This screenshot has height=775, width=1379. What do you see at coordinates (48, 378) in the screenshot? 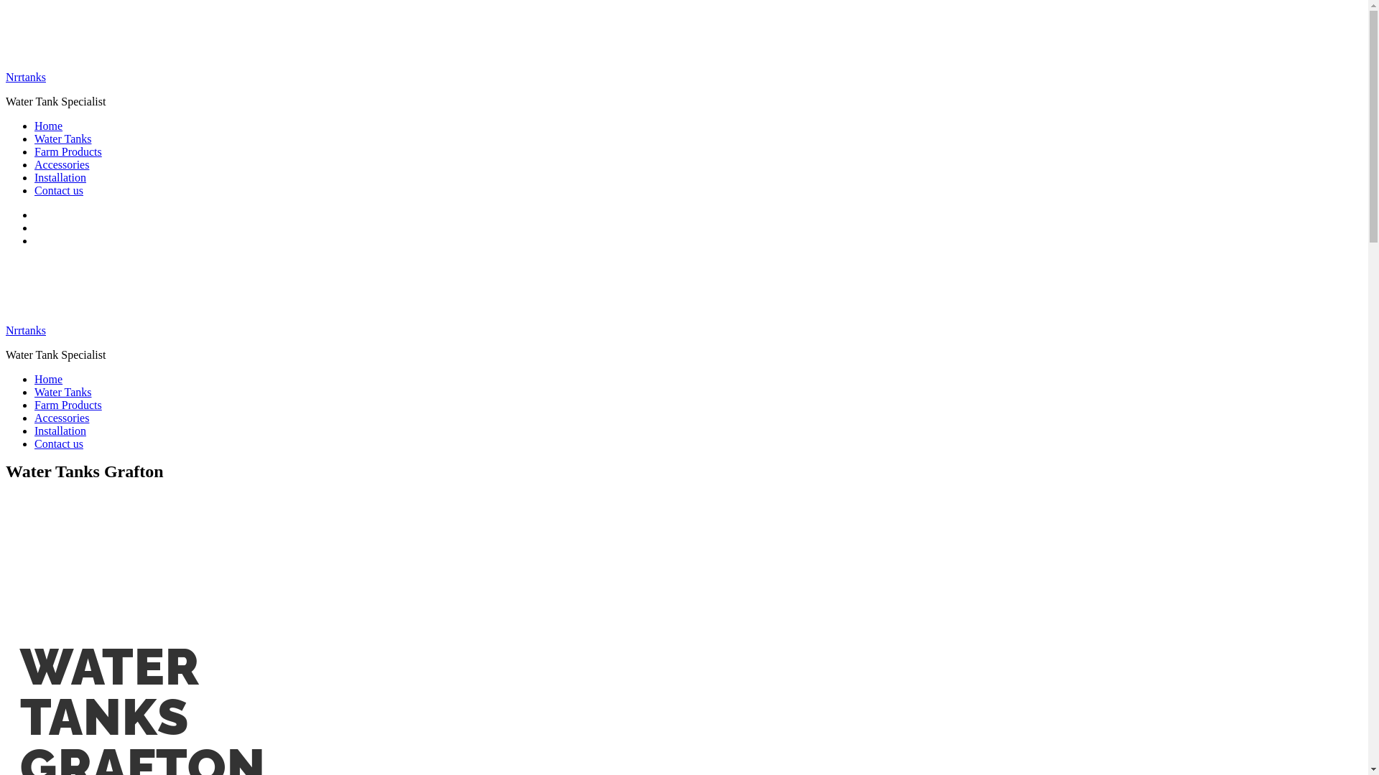
I see `'Home'` at bounding box center [48, 378].